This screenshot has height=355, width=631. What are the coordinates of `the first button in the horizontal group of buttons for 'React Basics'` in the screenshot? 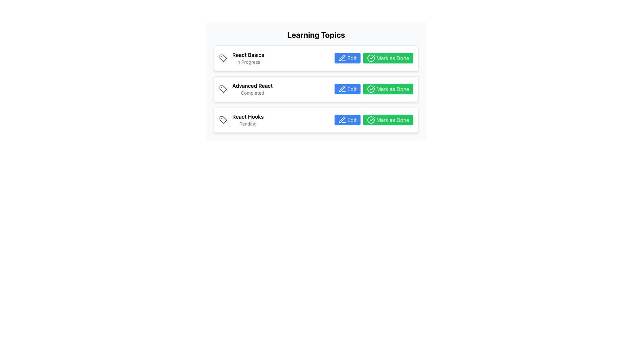 It's located at (347, 58).